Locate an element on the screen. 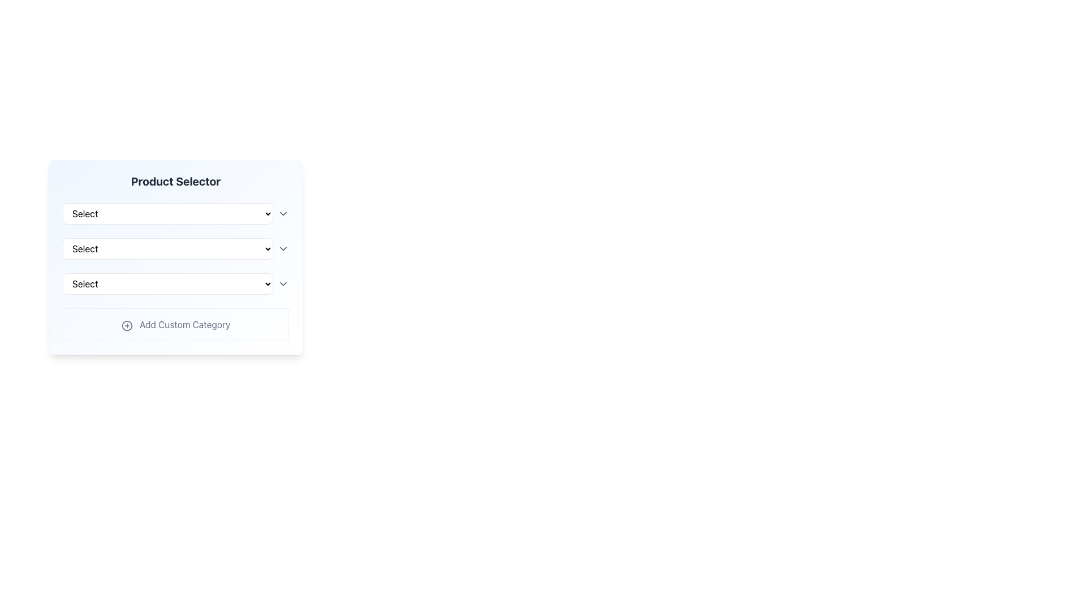  the dropdown menu labeled 'Select' is located at coordinates (167, 248).